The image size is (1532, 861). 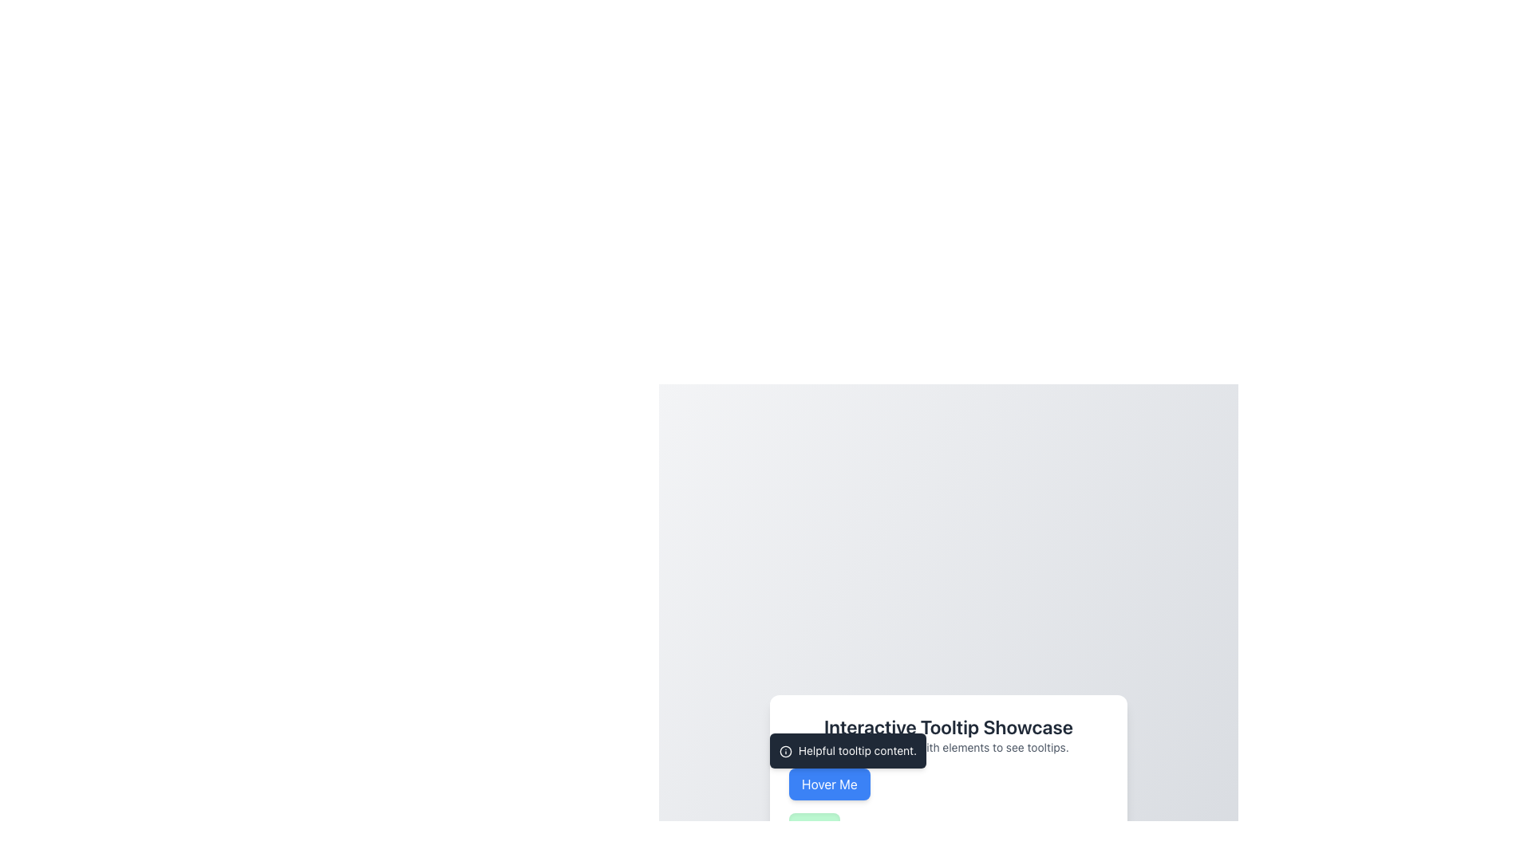 What do you see at coordinates (785, 751) in the screenshot?
I see `the SVG Circle that forms the outer part of an information icon near the 'Hover Me' button` at bounding box center [785, 751].